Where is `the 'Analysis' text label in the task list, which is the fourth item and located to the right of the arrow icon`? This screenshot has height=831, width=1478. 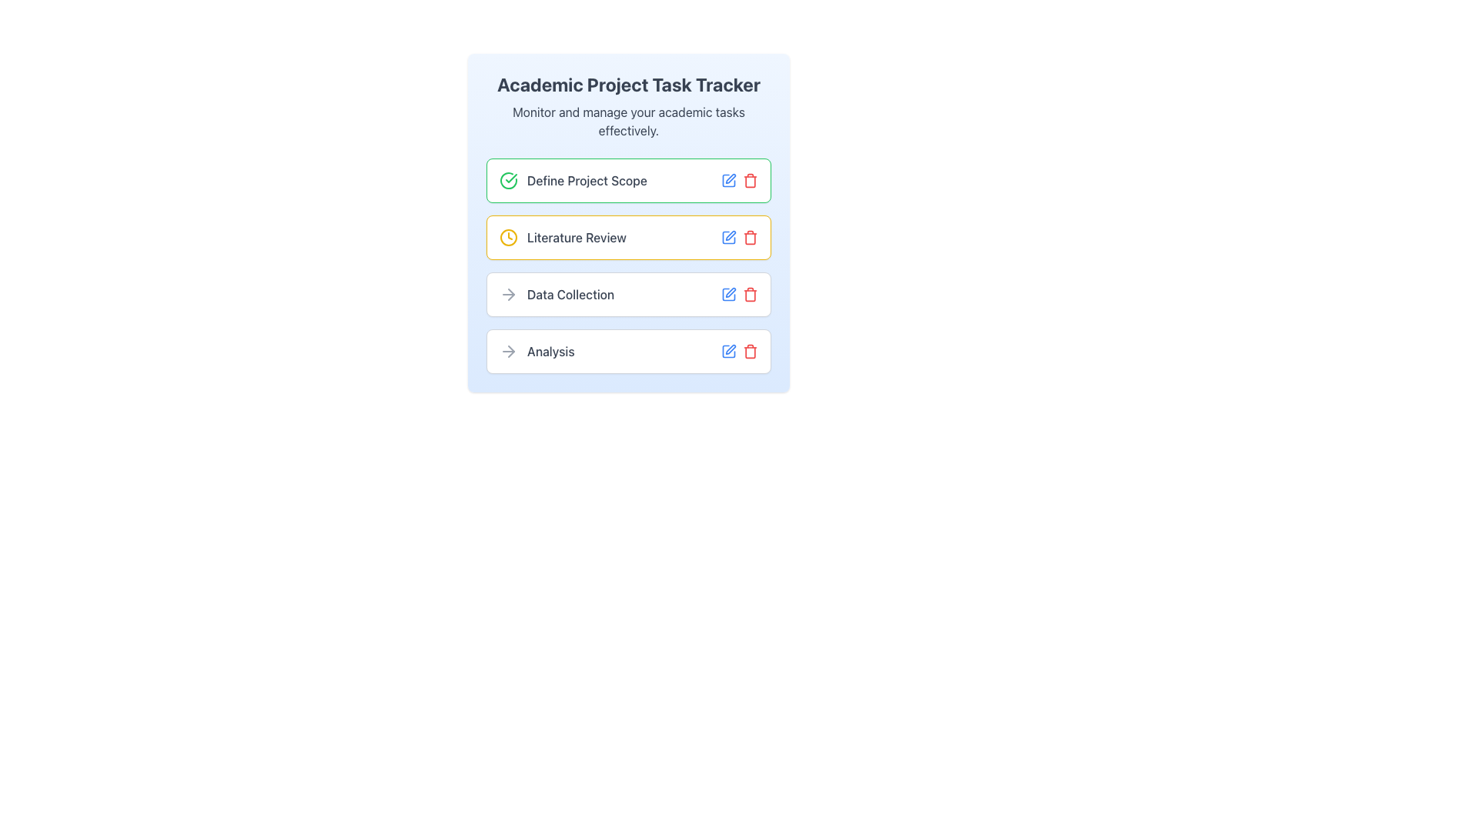 the 'Analysis' text label in the task list, which is the fourth item and located to the right of the arrow icon is located at coordinates (550, 351).